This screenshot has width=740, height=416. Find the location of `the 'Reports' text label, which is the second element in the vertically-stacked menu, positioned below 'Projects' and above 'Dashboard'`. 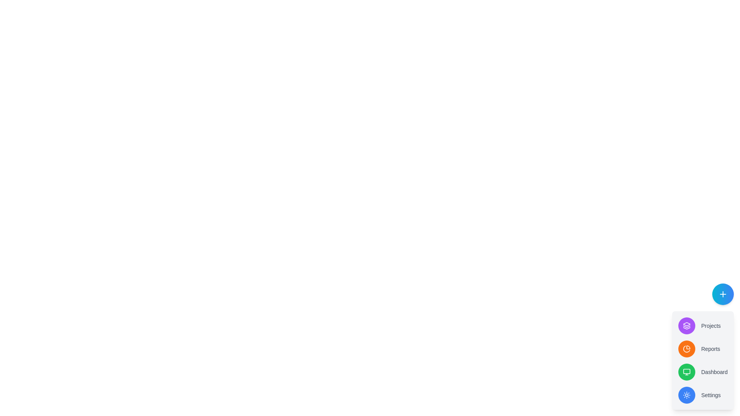

the 'Reports' text label, which is the second element in the vertically-stacked menu, positioned below 'Projects' and above 'Dashboard' is located at coordinates (703, 346).